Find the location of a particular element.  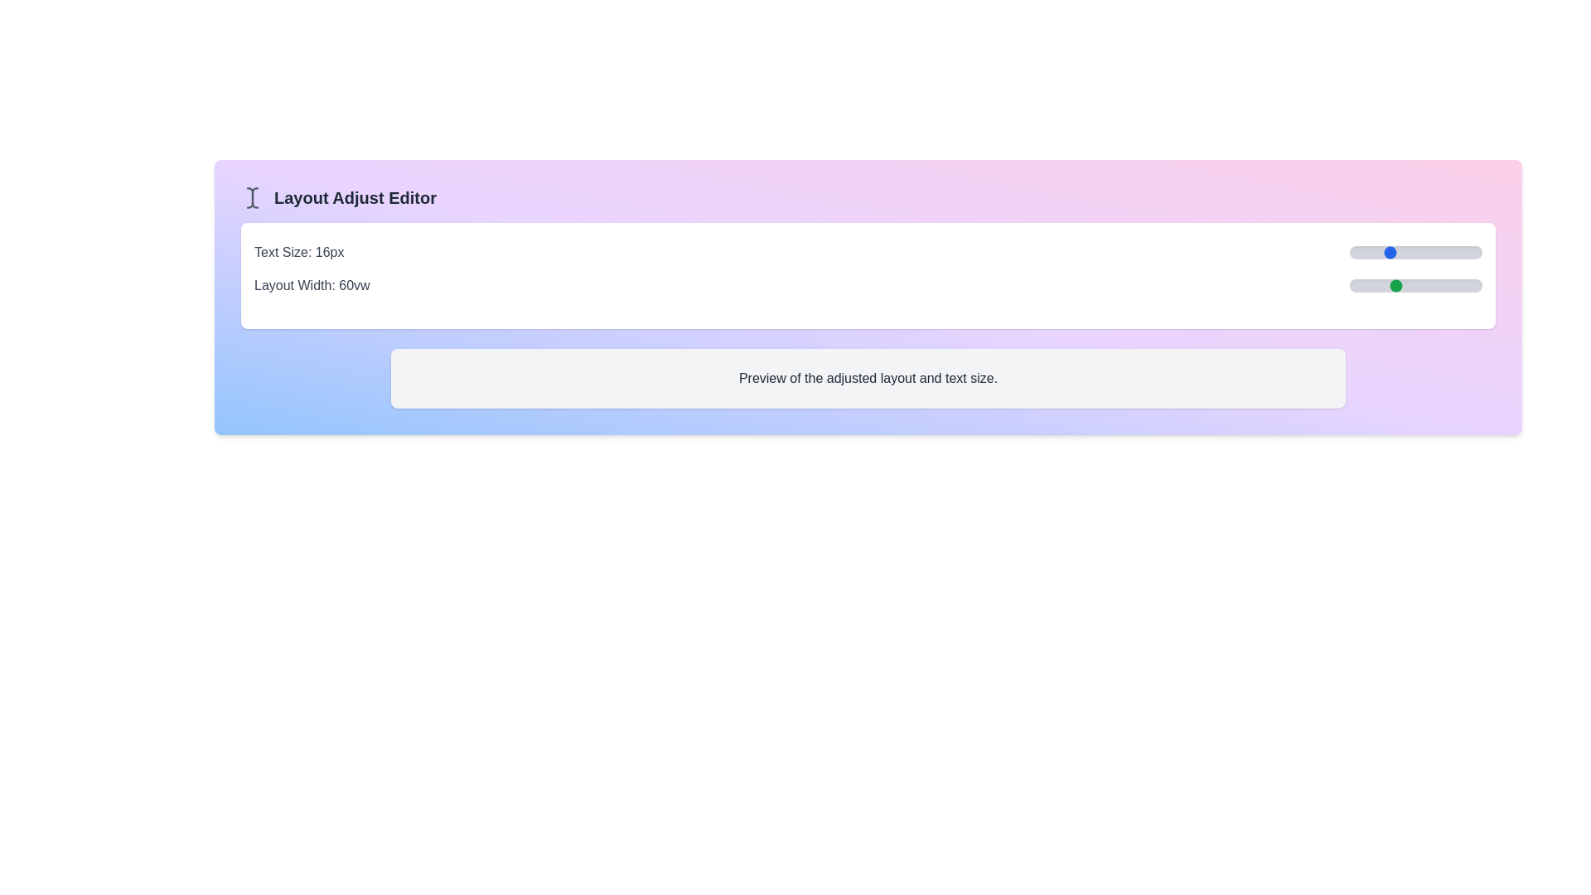

the layout width is located at coordinates (1385, 284).